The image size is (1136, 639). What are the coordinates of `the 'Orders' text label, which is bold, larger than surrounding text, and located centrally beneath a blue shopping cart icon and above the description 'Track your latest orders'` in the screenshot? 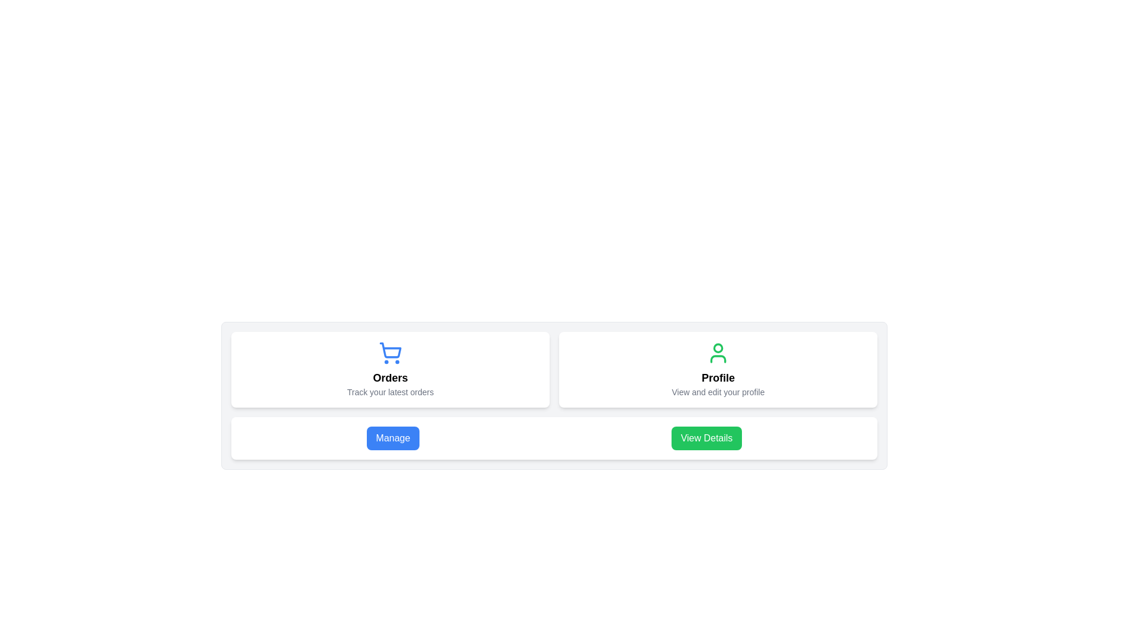 It's located at (390, 378).